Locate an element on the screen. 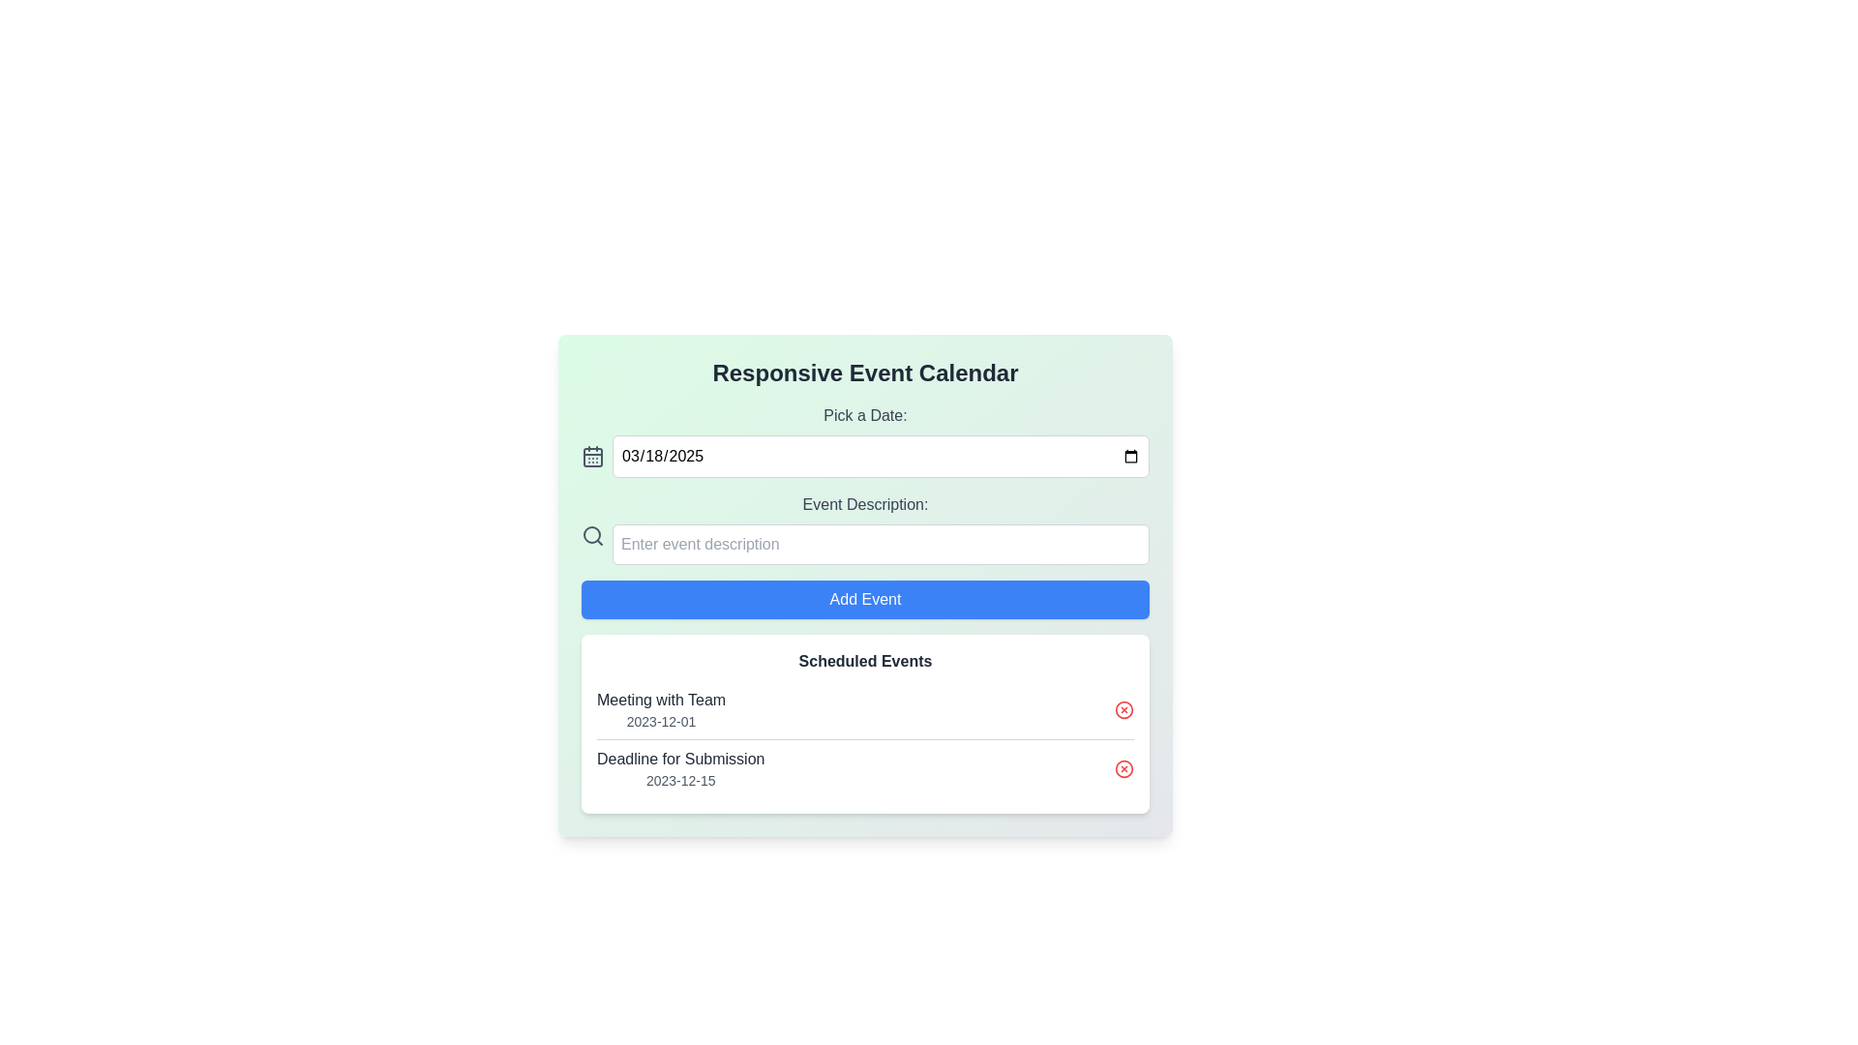  the 'Deadline for Submission' text label, which is displayed in bold gray font at the top of the event row is located at coordinates (680, 759).